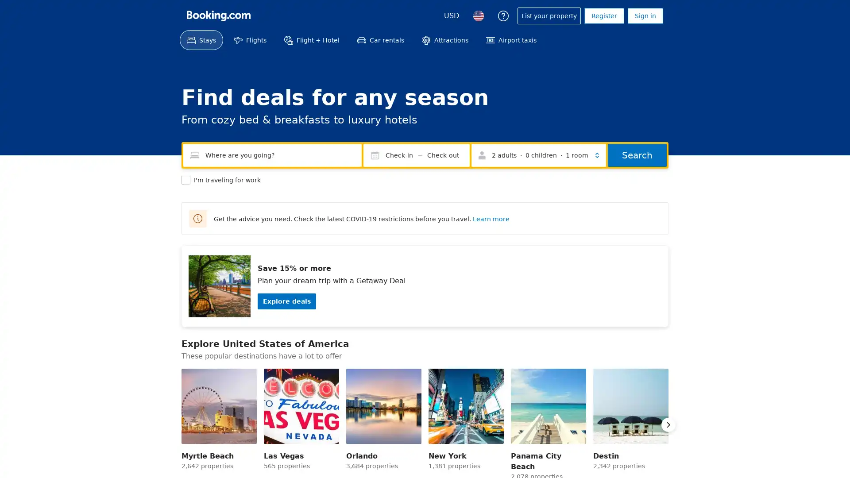  I want to click on Choose your language. Your current language is English (US), so click(478, 15).